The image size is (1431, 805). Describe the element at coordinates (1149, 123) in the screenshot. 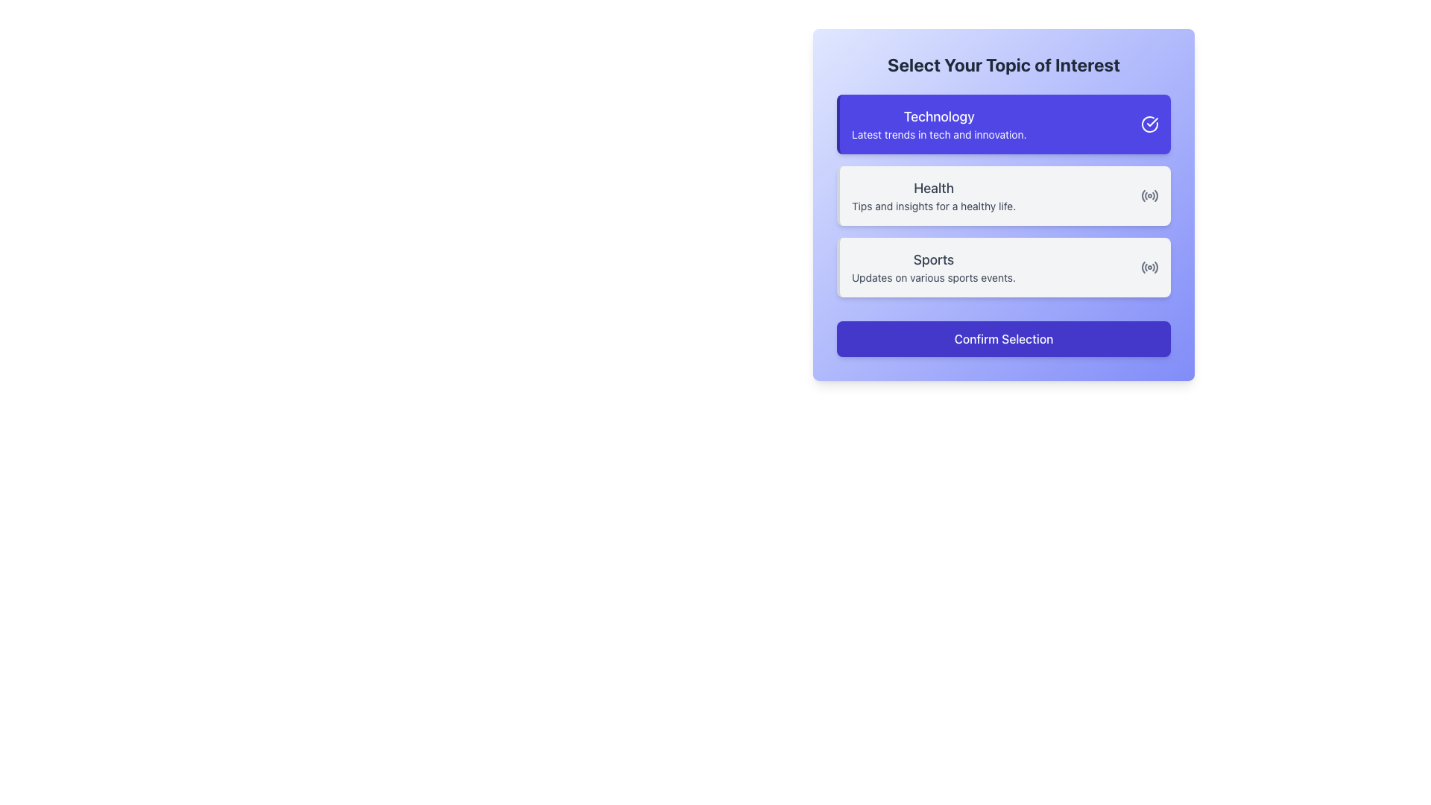

I see `SVG structure of the checkmark icon indicating the selected state of the 'Technology' option in the modal dialog` at that location.